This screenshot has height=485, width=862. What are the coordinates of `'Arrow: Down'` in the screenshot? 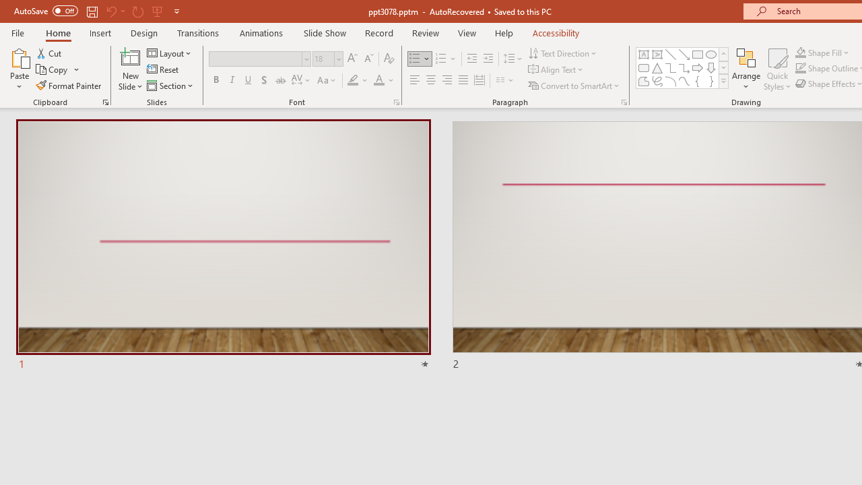 It's located at (710, 67).